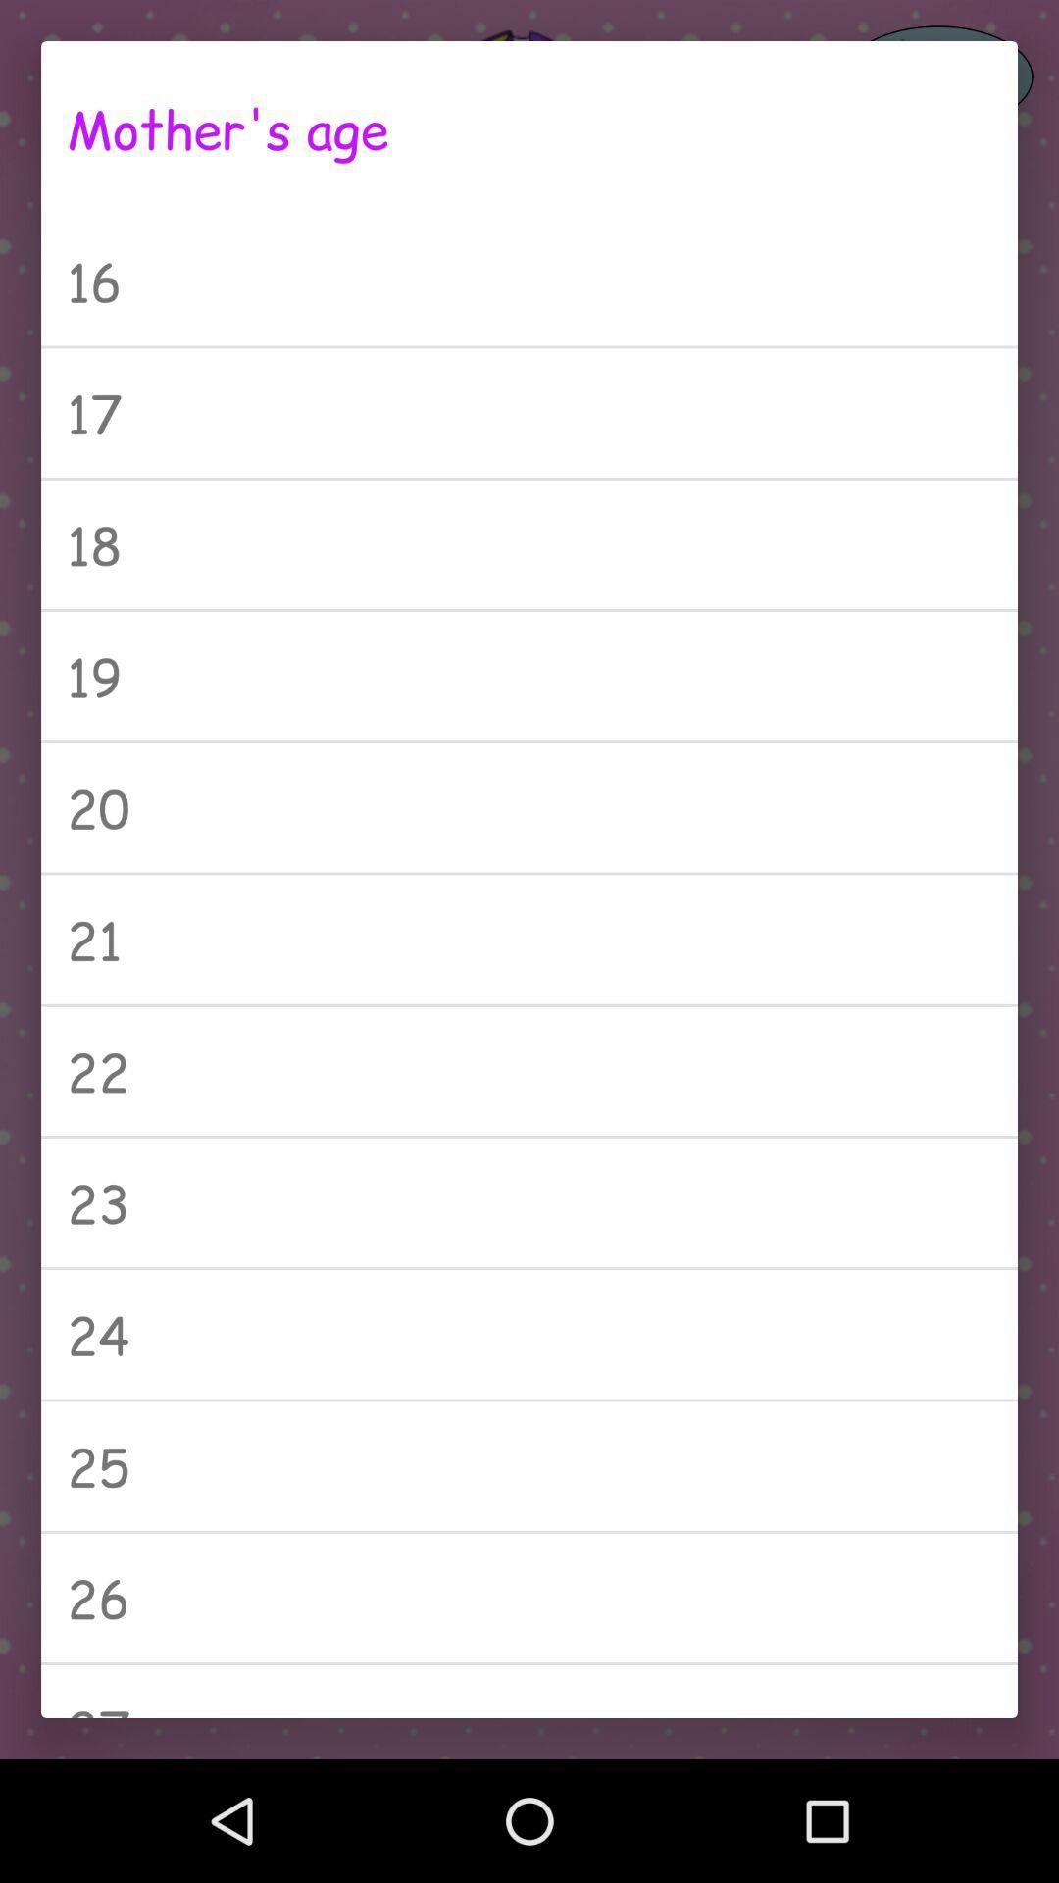 This screenshot has height=1883, width=1059. I want to click on the item below 24 icon, so click(529, 1466).